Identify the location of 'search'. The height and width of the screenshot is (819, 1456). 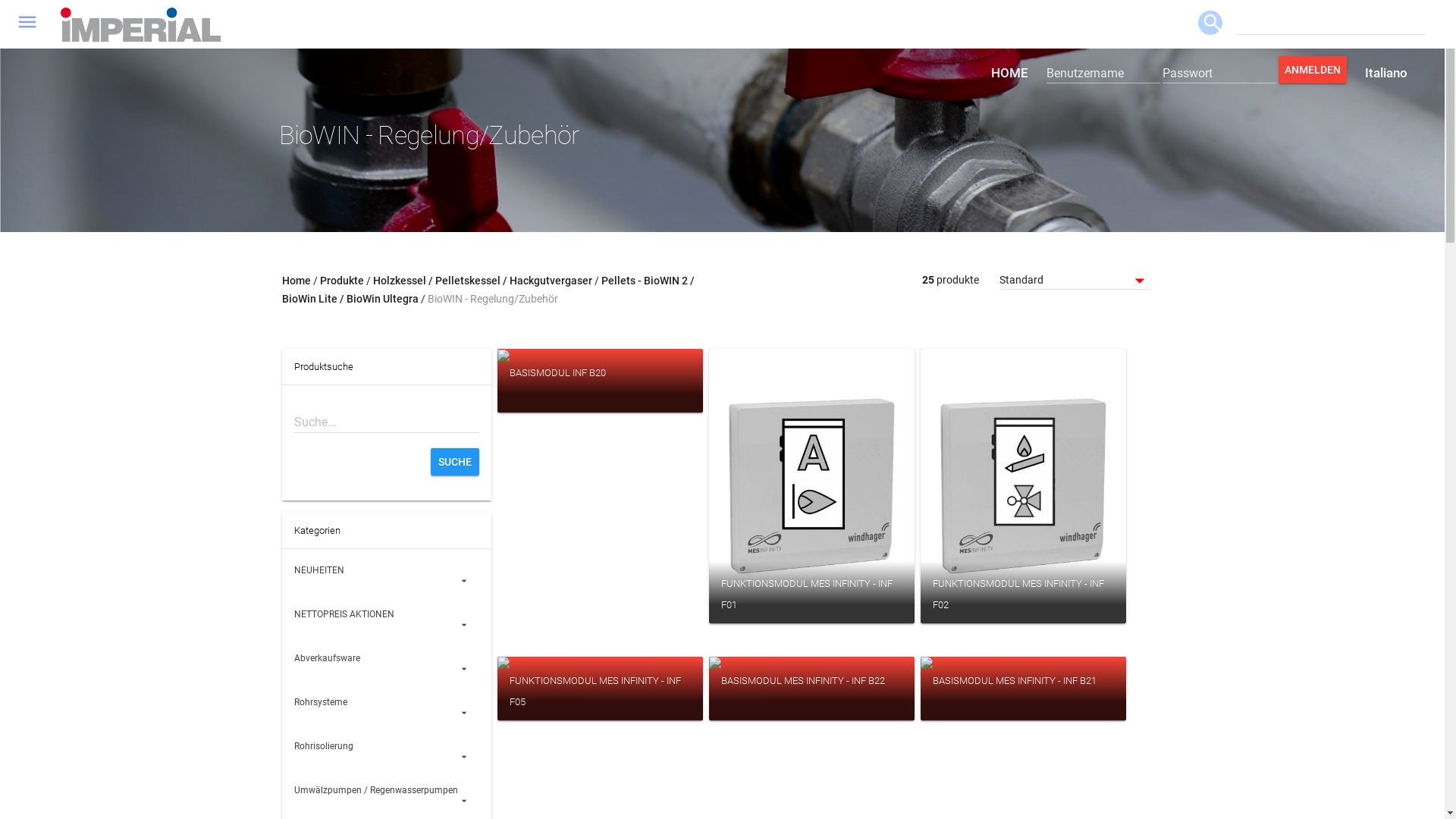
(1210, 23).